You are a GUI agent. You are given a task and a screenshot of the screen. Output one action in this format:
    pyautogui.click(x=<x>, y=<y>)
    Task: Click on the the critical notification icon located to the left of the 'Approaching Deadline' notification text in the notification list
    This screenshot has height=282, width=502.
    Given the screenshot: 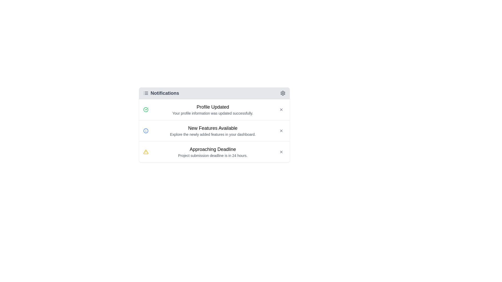 What is the action you would take?
    pyautogui.click(x=146, y=152)
    